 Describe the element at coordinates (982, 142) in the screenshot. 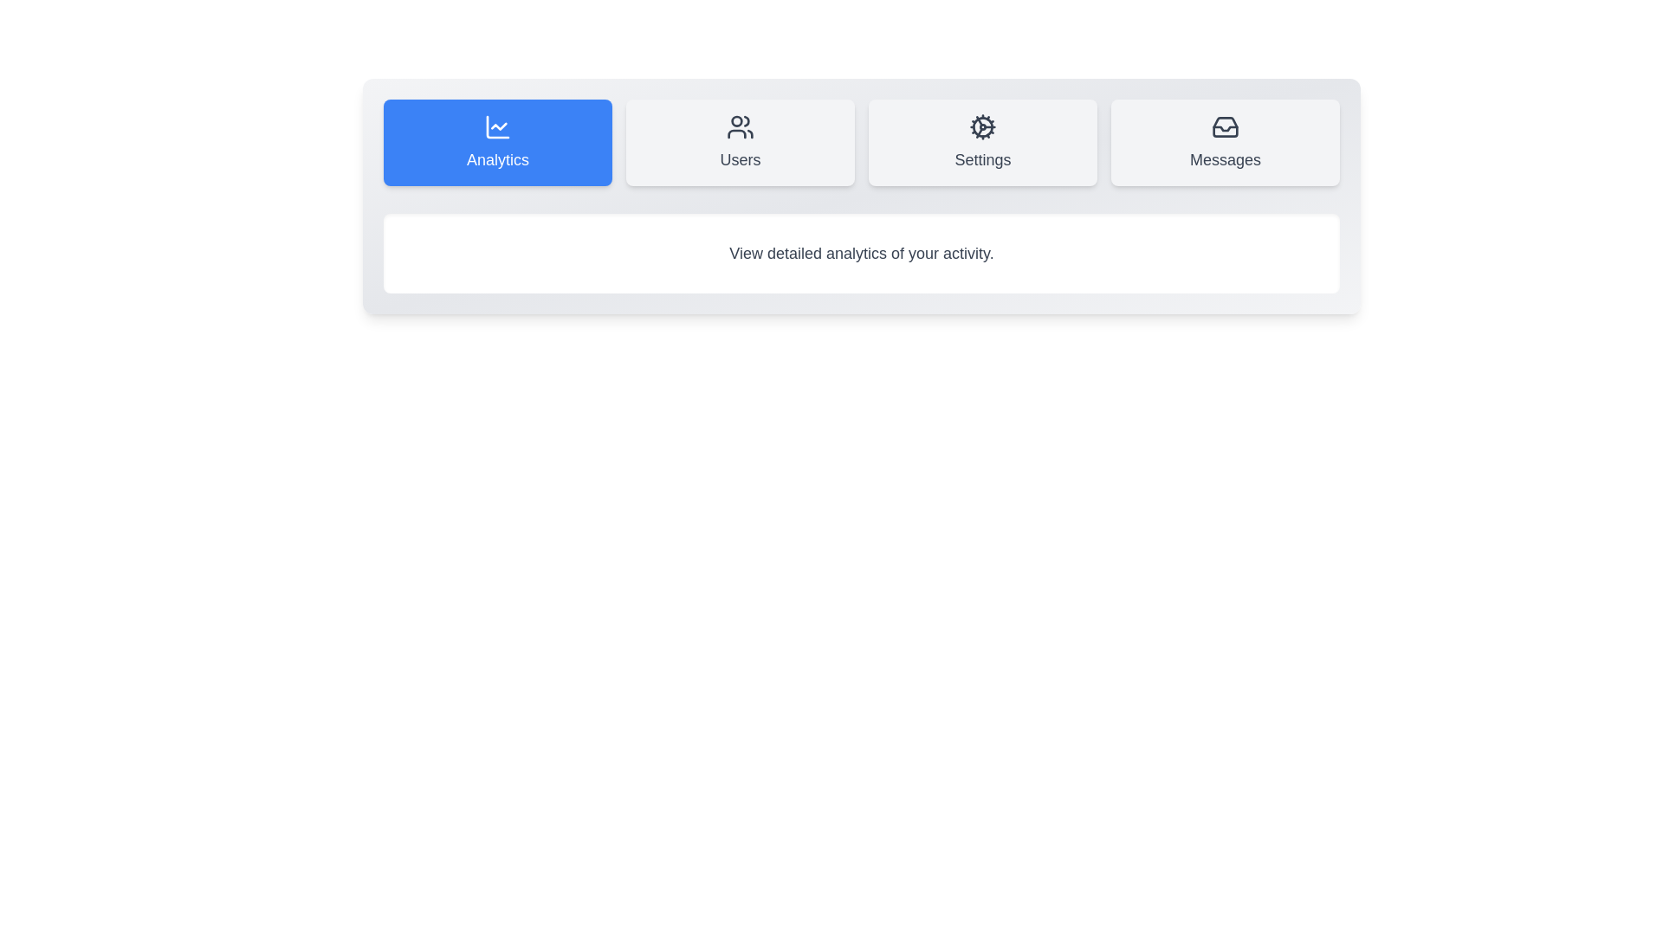

I see `the Settings tab to switch the active section` at that location.